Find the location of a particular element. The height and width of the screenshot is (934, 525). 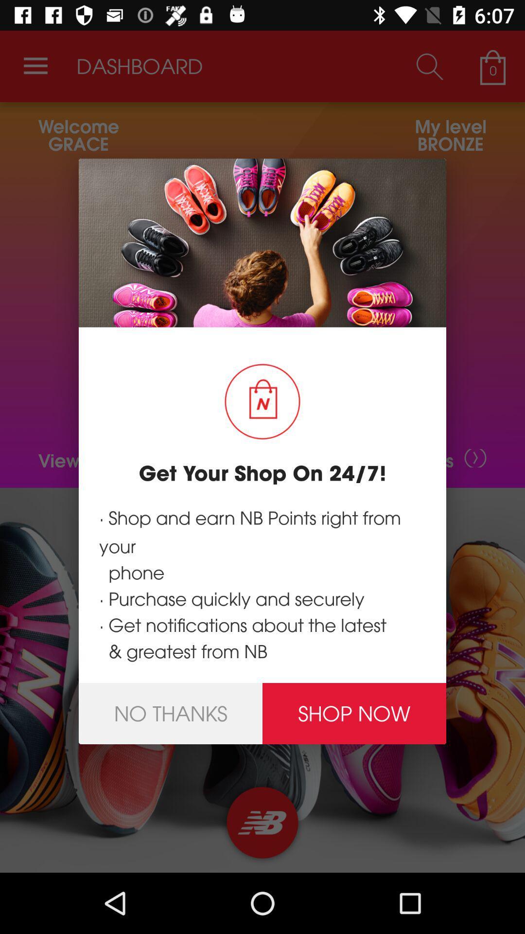

item to the right of the no thanks icon is located at coordinates (354, 714).